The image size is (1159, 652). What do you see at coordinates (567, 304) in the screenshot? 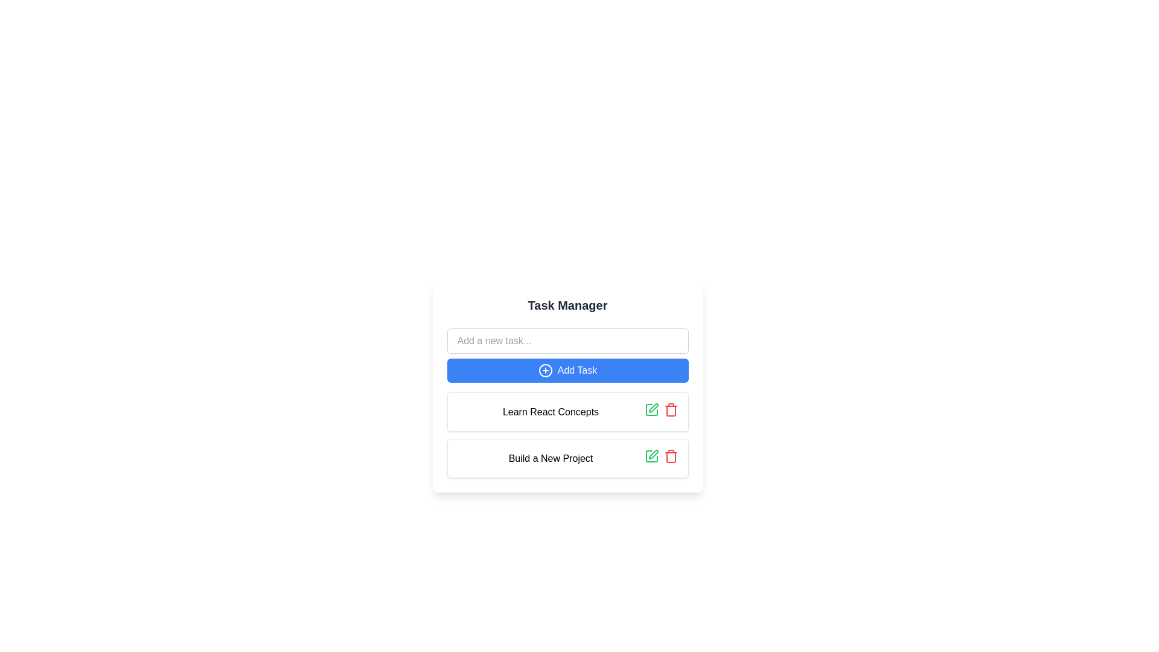
I see `the bold 'Task Manager' text element, which is prominently displayed at the top of the panel with rounded corners` at bounding box center [567, 304].